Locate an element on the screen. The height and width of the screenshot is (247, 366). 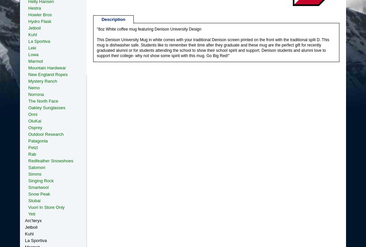
'Marmot' is located at coordinates (36, 61).